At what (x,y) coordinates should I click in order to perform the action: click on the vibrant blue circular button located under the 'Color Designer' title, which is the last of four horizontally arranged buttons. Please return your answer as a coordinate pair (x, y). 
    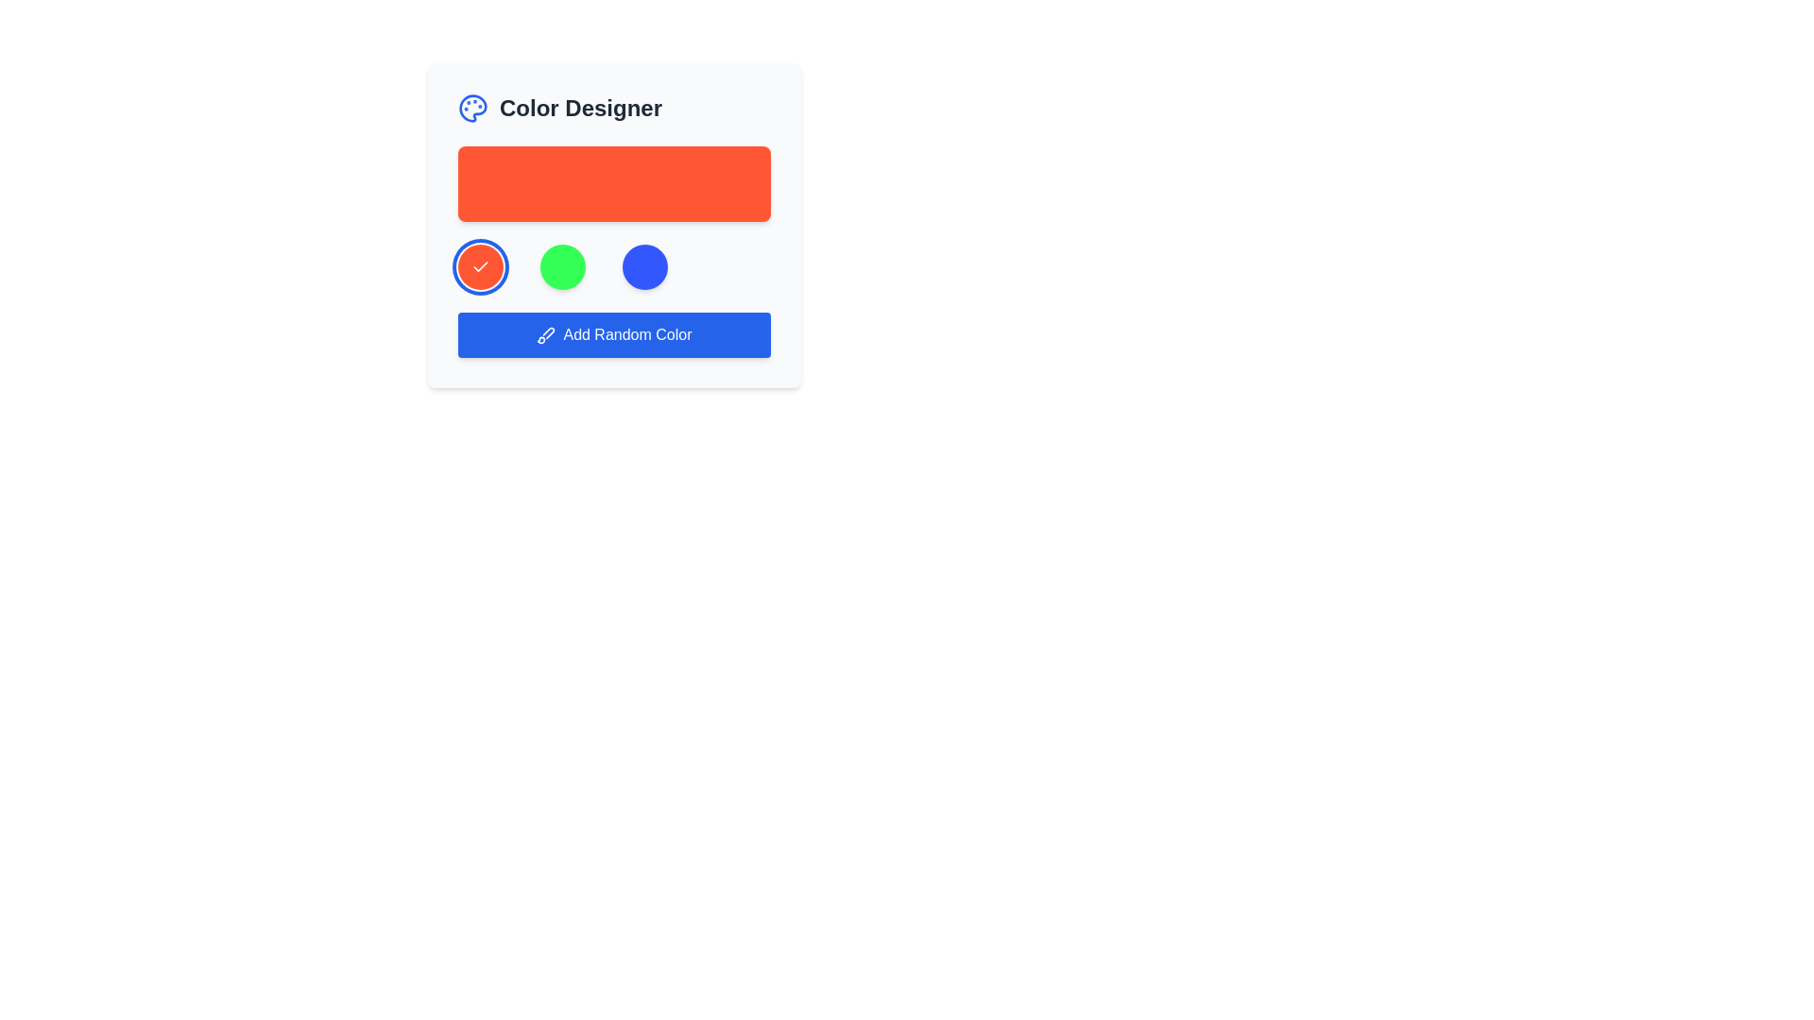
    Looking at the image, I should click on (644, 266).